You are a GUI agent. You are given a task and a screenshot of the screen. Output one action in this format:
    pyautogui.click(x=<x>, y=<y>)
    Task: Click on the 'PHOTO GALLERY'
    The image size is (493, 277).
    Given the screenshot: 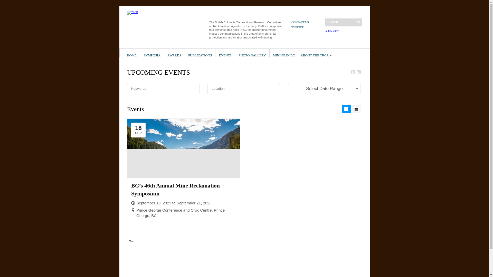 What is the action you would take?
    pyautogui.click(x=252, y=53)
    